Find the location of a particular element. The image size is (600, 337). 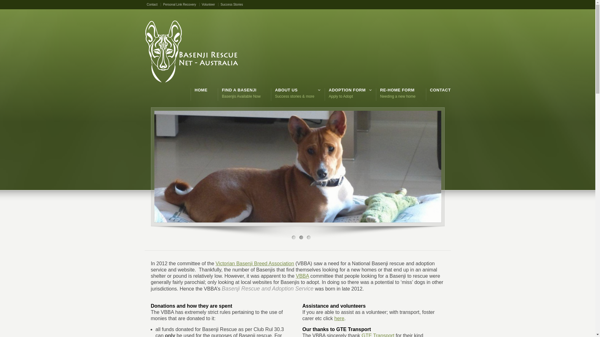

'VBBA' is located at coordinates (302, 276).